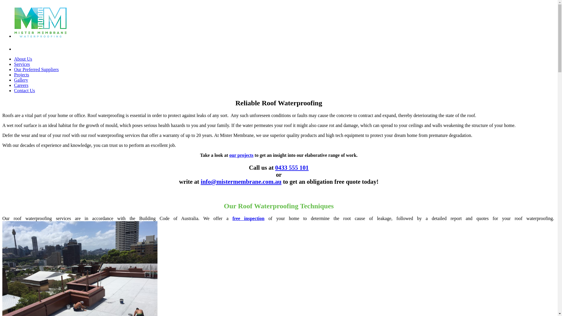 Image resolution: width=562 pixels, height=316 pixels. What do you see at coordinates (292, 167) in the screenshot?
I see `'0433 555 101'` at bounding box center [292, 167].